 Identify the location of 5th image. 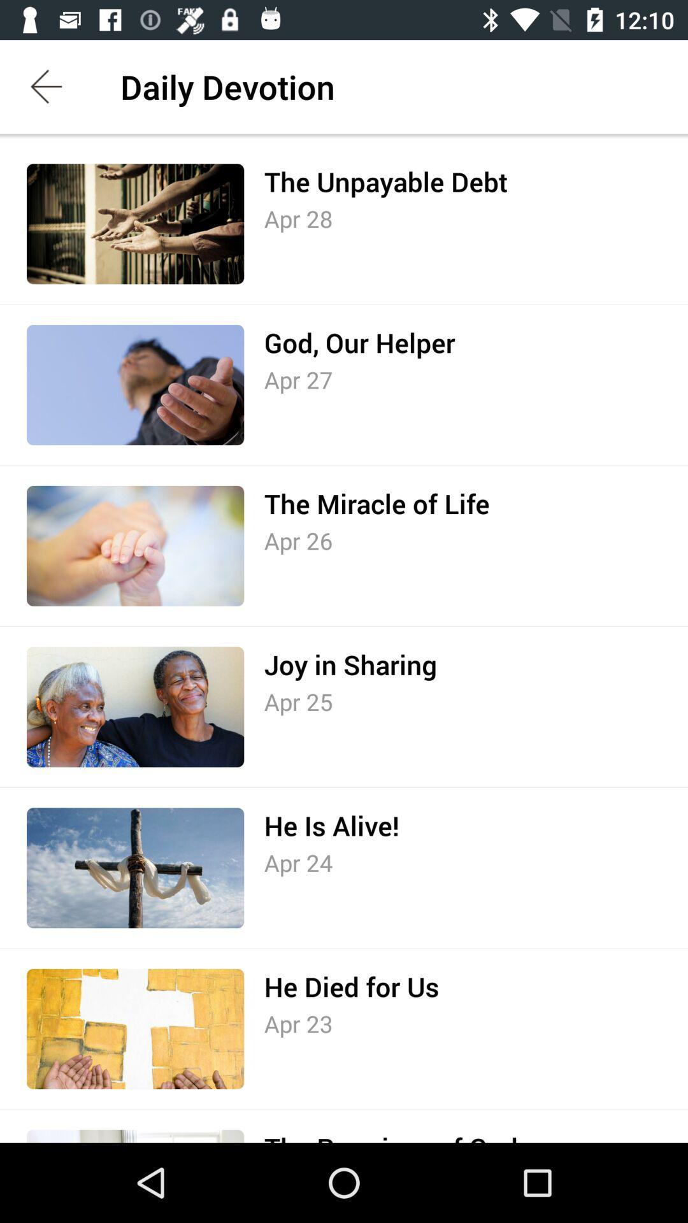
(135, 867).